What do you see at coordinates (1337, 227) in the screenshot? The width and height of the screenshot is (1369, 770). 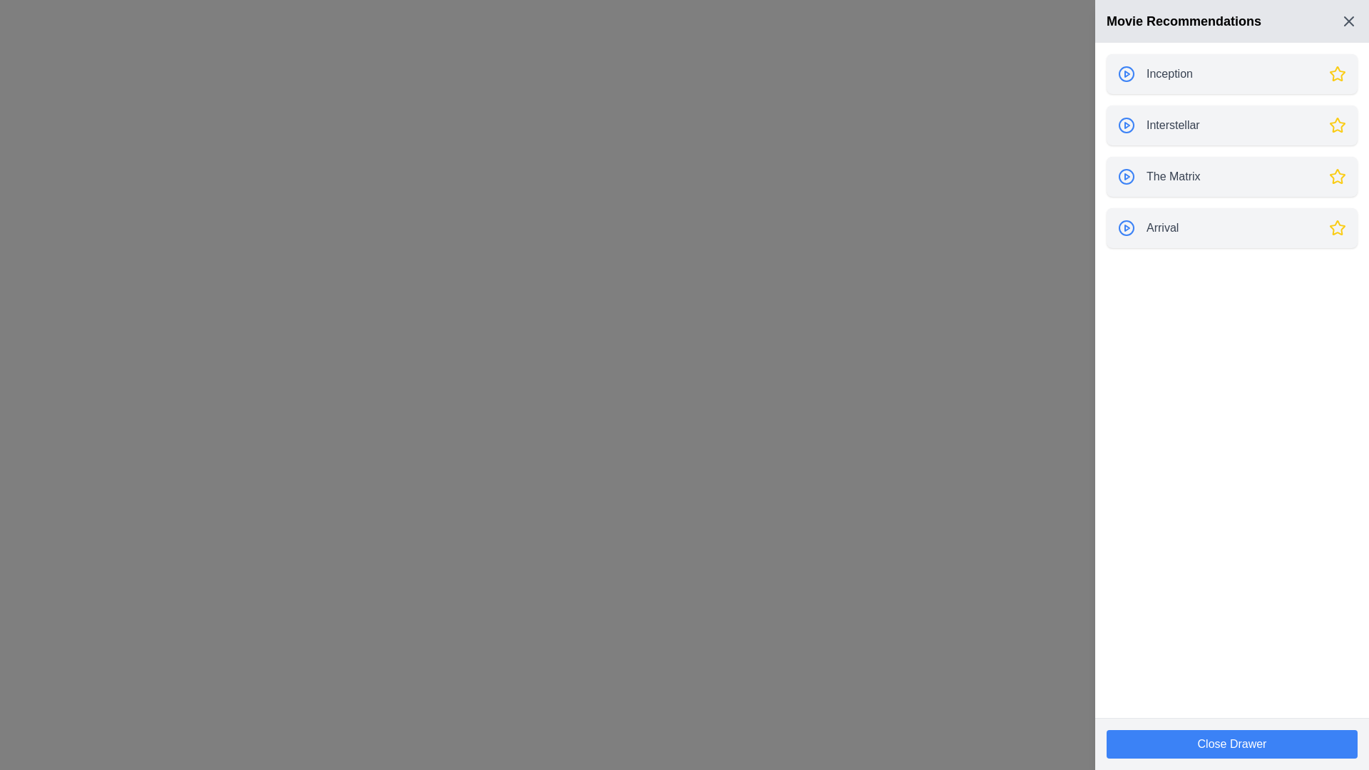 I see `the fifth star icon in the 'Arrival' movie entry within the 'Movie Recommendations' section to rate or favorite the movie` at bounding box center [1337, 227].